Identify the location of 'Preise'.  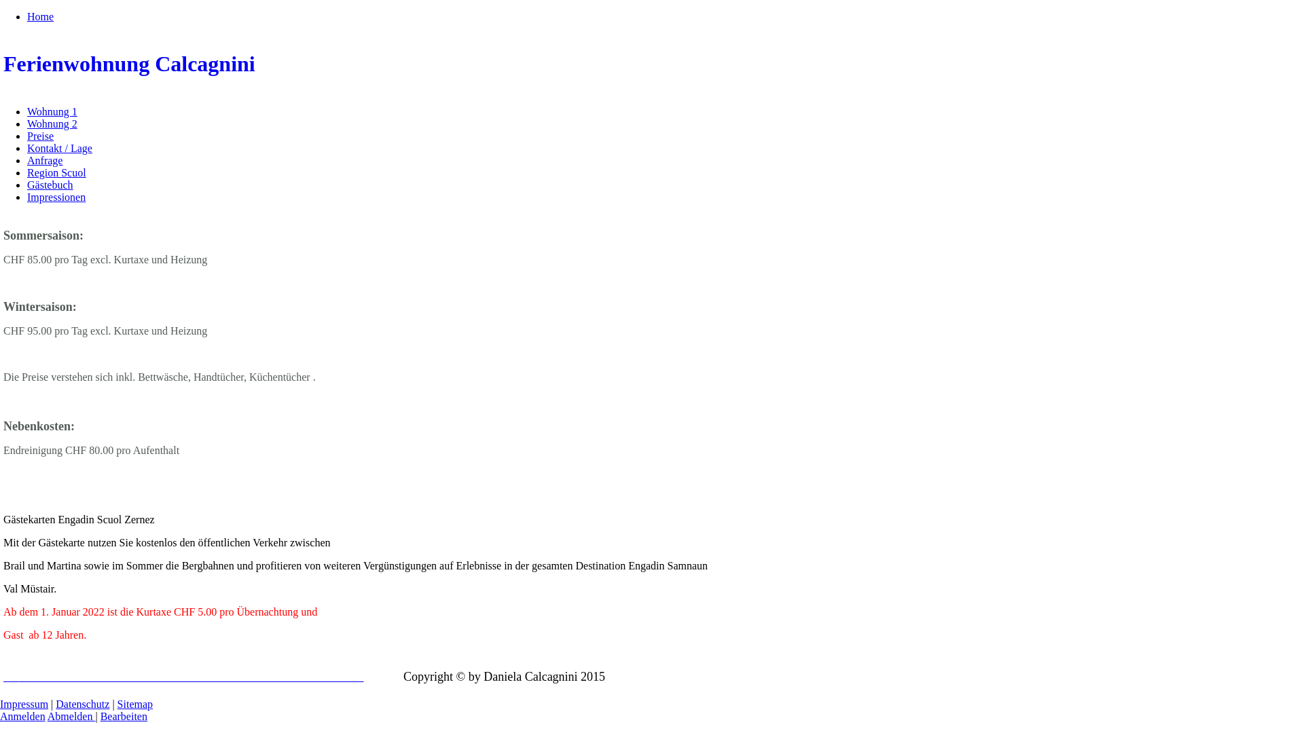
(26, 136).